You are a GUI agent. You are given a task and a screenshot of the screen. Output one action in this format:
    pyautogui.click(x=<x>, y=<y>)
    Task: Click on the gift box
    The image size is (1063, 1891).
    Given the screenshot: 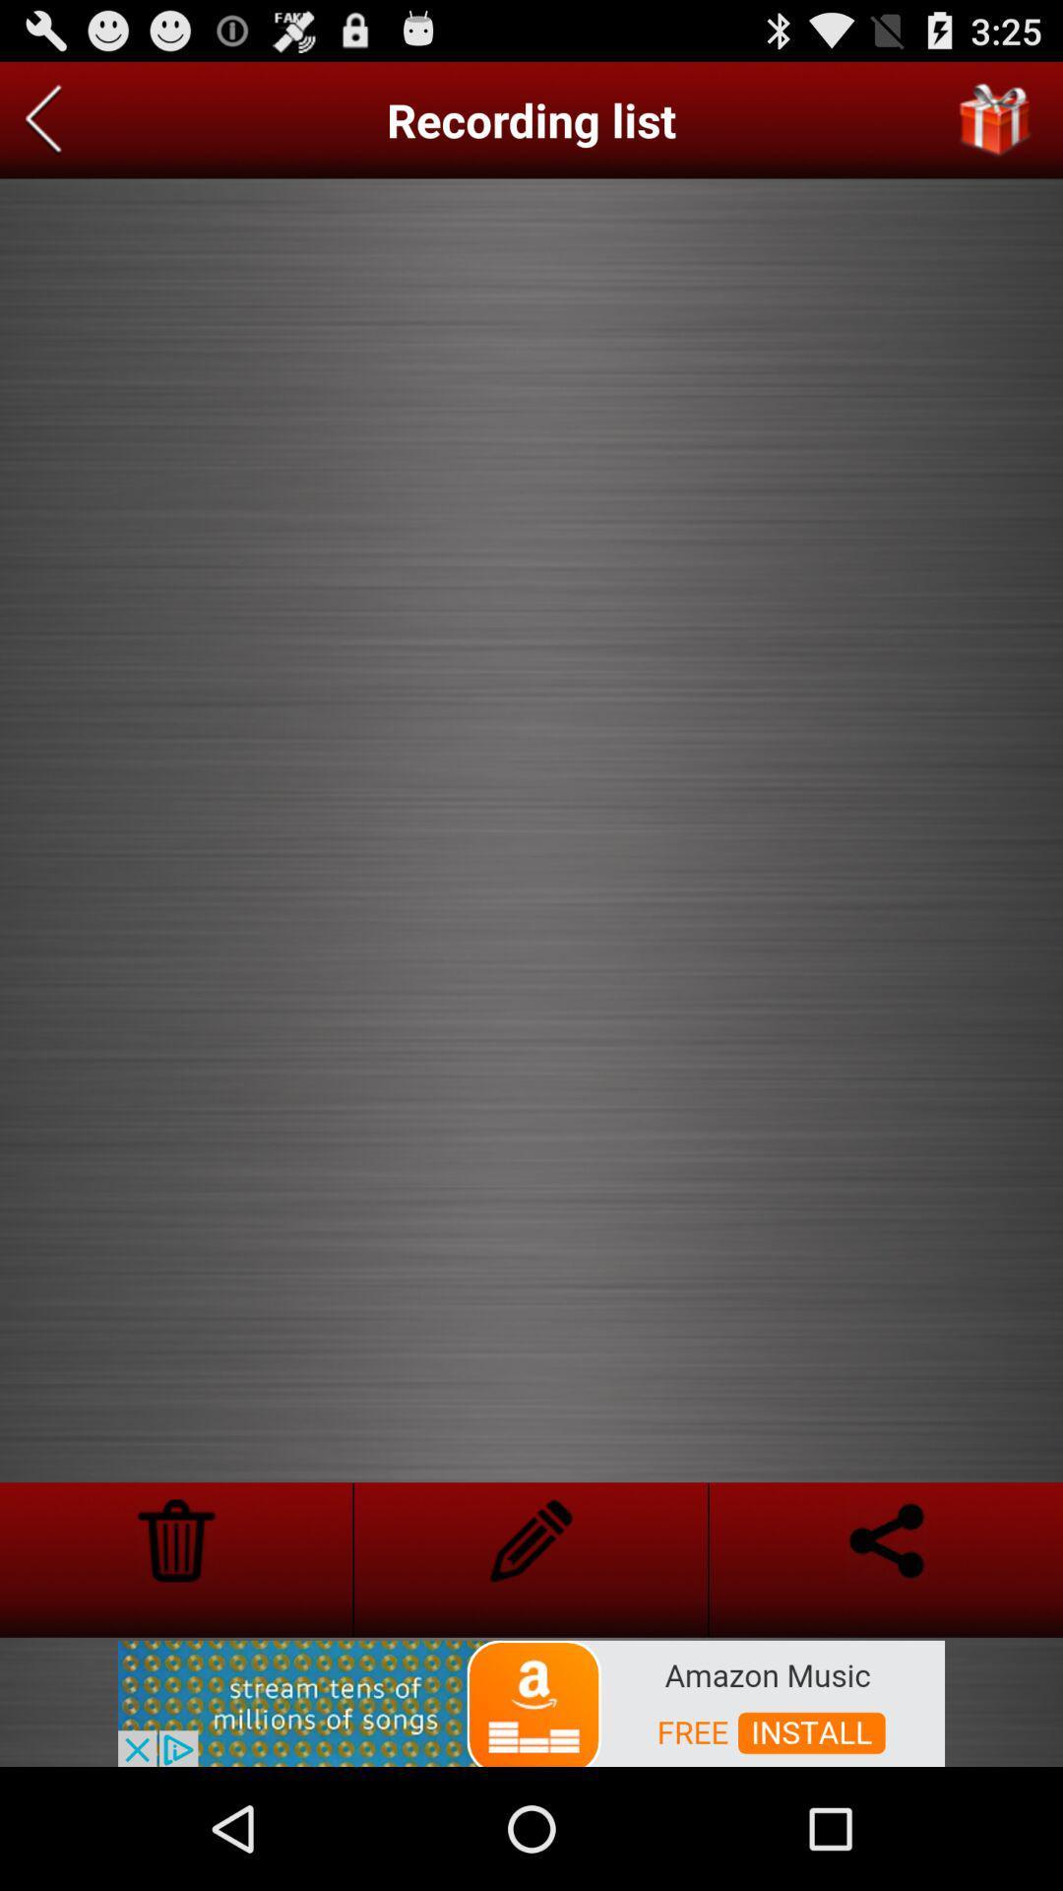 What is the action you would take?
    pyautogui.click(x=995, y=119)
    